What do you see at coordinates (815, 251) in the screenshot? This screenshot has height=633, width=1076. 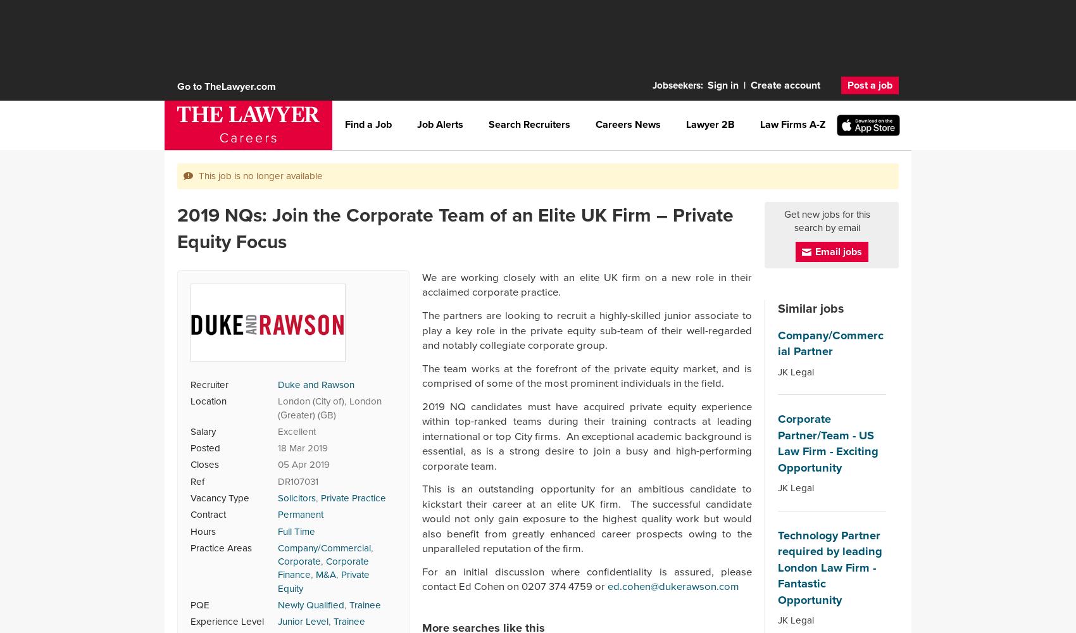 I see `'Email jobs'` at bounding box center [815, 251].